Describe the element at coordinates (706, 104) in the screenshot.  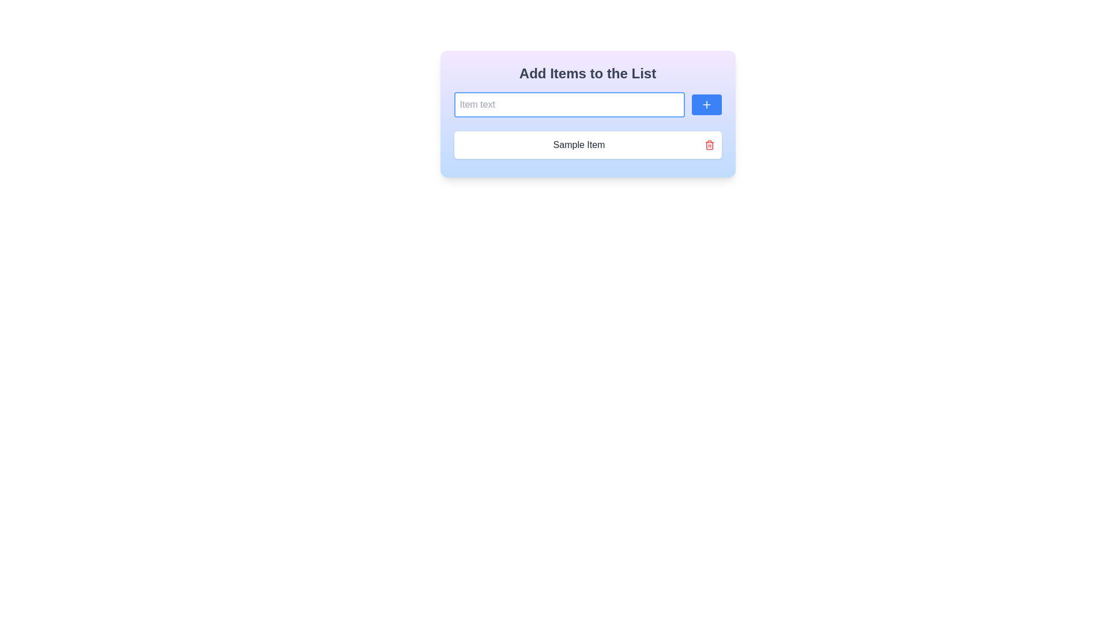
I see `the '+' icon within the button on the right side of the 'Item text' input field in the 'Add Items to the List' section` at that location.